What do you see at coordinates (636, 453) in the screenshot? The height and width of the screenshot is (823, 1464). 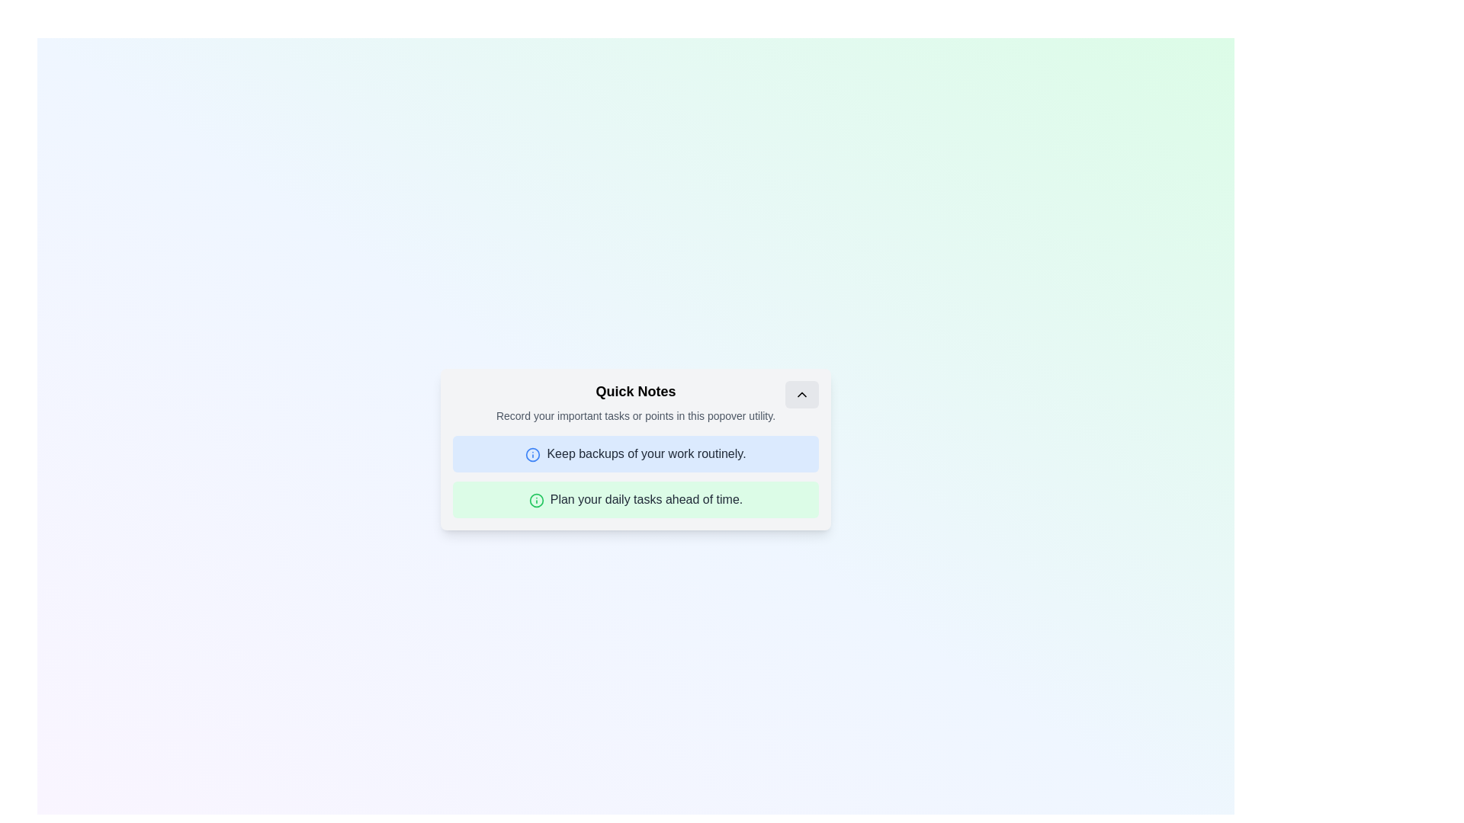 I see `the informational note message box with a light blue background that contains an exclamation mark icon and the text 'Keep backups of your work routinely.'` at bounding box center [636, 453].